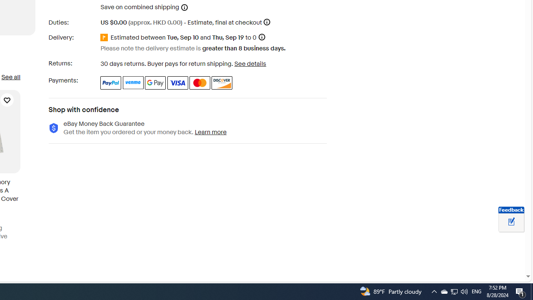 Image resolution: width=533 pixels, height=300 pixels. Describe the element at coordinates (155, 82) in the screenshot. I see `'Google Pay'` at that location.